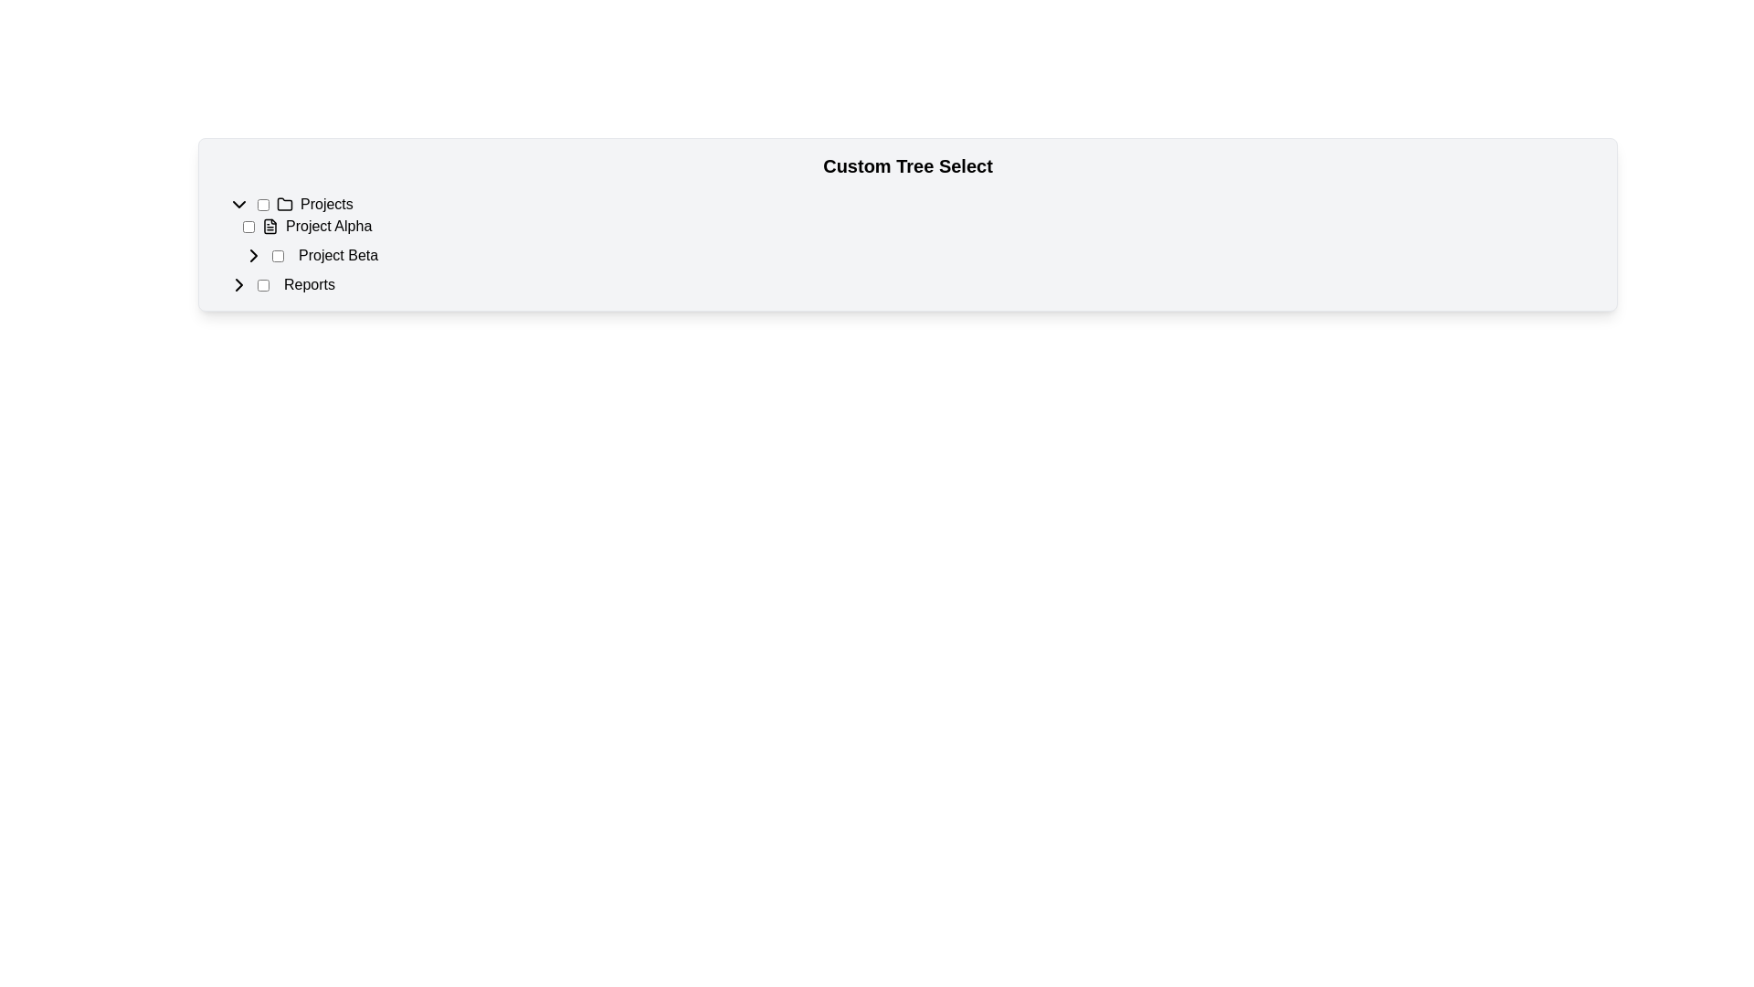 This screenshot has width=1754, height=987. What do you see at coordinates (238, 285) in the screenshot?
I see `the right-oriented chevron arrow icon, which is located to the left of the 'Project Beta' text in a hierarchical tree structure` at bounding box center [238, 285].